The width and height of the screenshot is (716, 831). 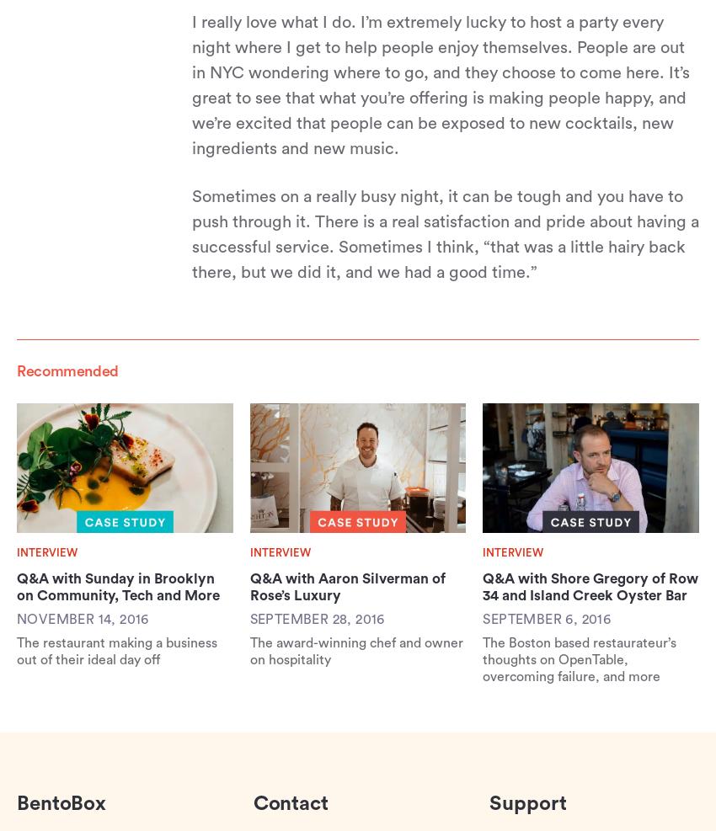 I want to click on 'September 28, 2016', so click(x=316, y=618).